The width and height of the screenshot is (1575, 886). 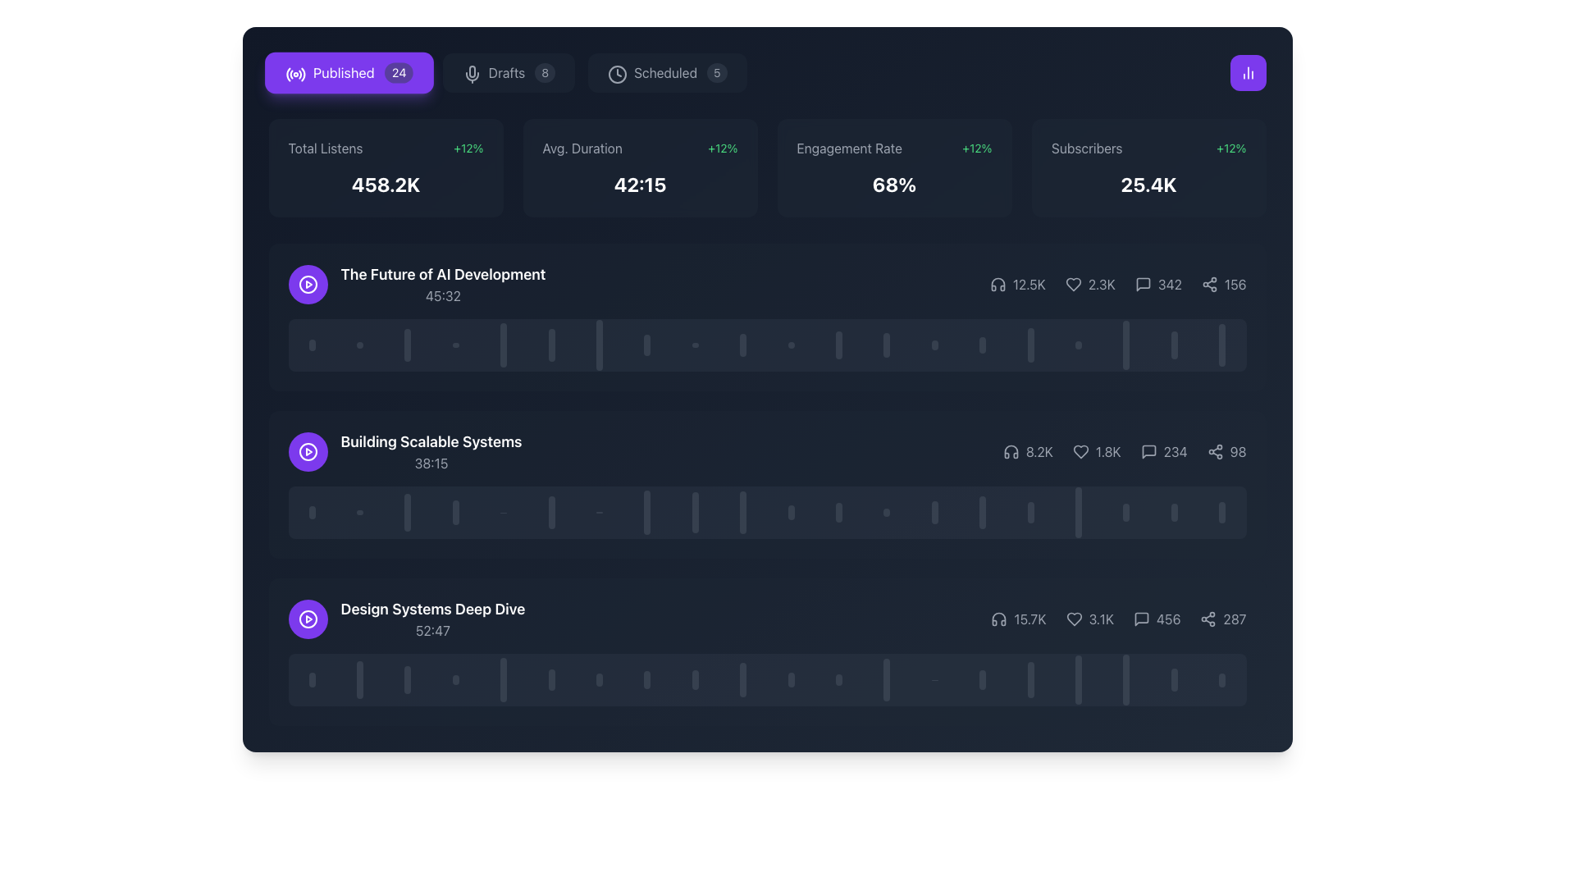 I want to click on the icon of the second media entry in the list, so click(x=405, y=452).